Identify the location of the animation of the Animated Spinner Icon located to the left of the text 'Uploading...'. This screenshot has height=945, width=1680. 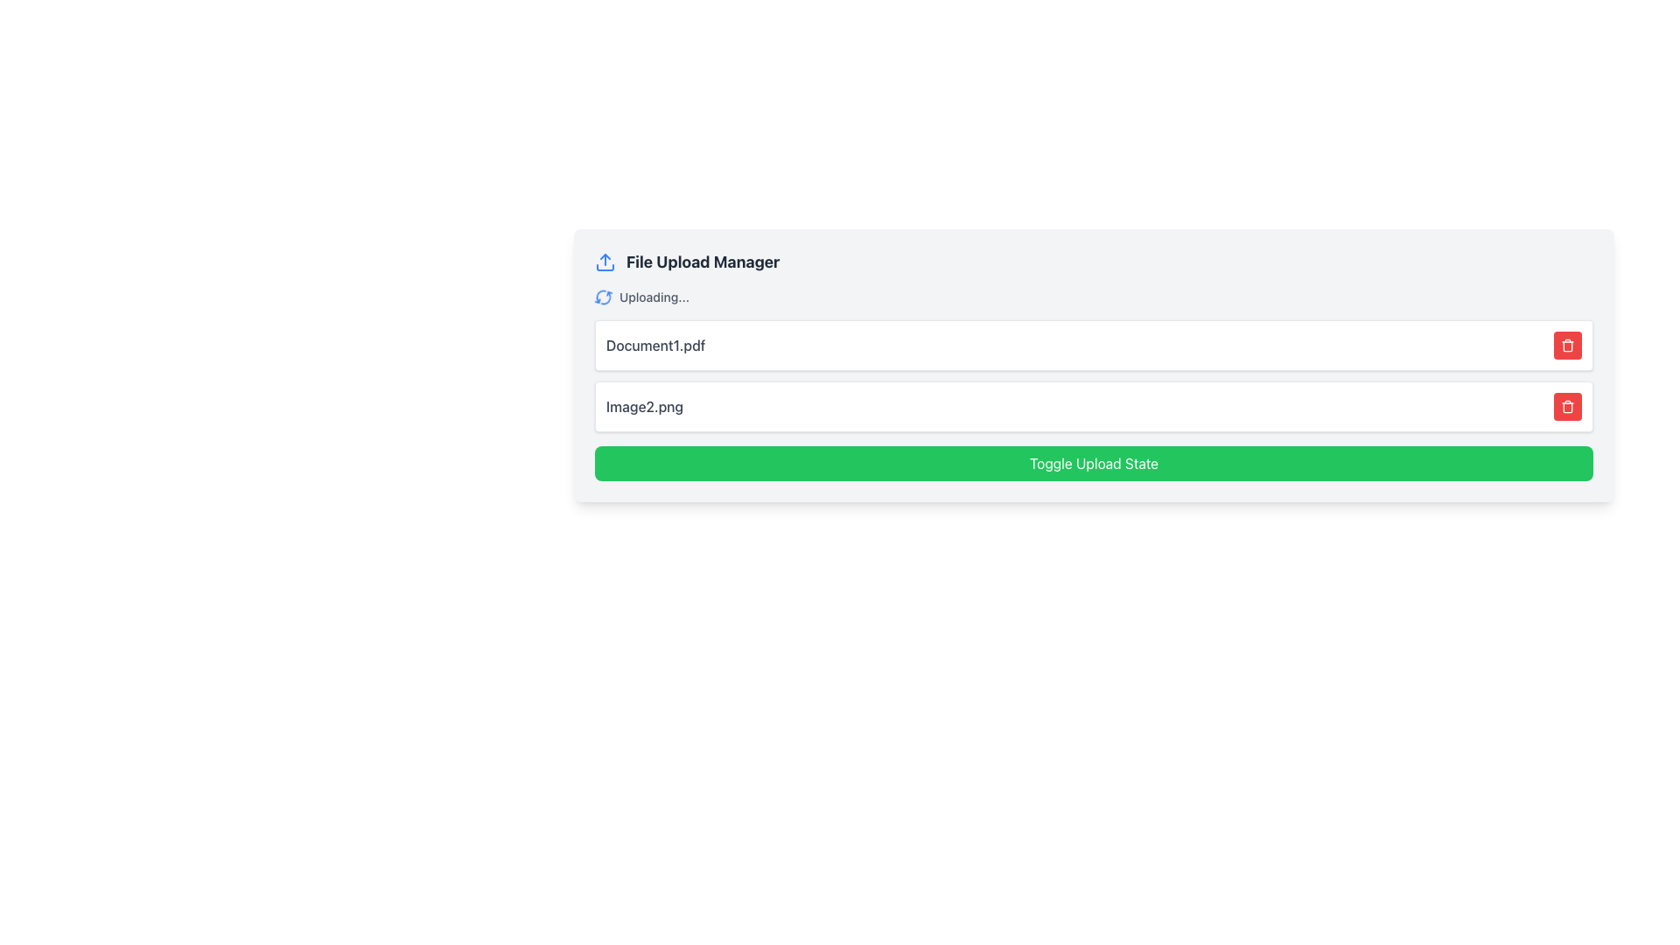
(604, 296).